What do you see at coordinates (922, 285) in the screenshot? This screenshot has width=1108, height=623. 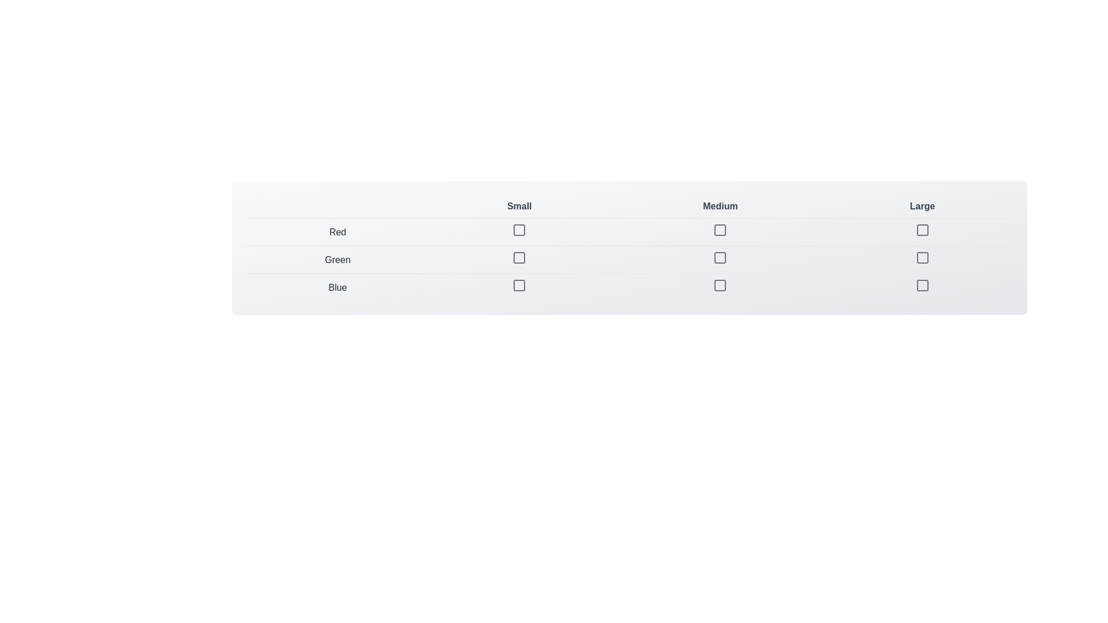 I see `the square-shaped checkbox located in the 'Large' column of the 'Blue' row within the grid structure` at bounding box center [922, 285].